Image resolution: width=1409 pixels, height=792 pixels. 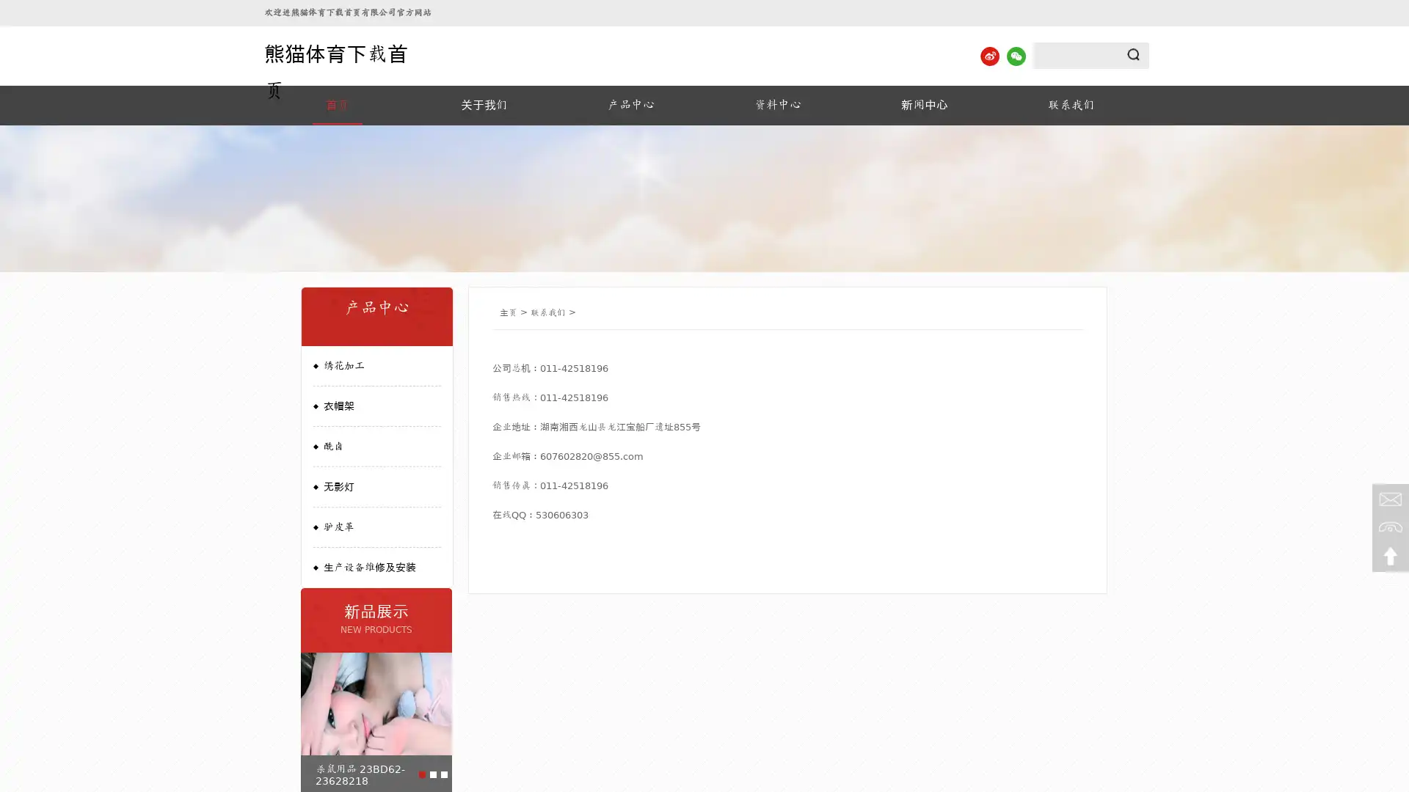 I want to click on Submit, so click(x=1133, y=54).